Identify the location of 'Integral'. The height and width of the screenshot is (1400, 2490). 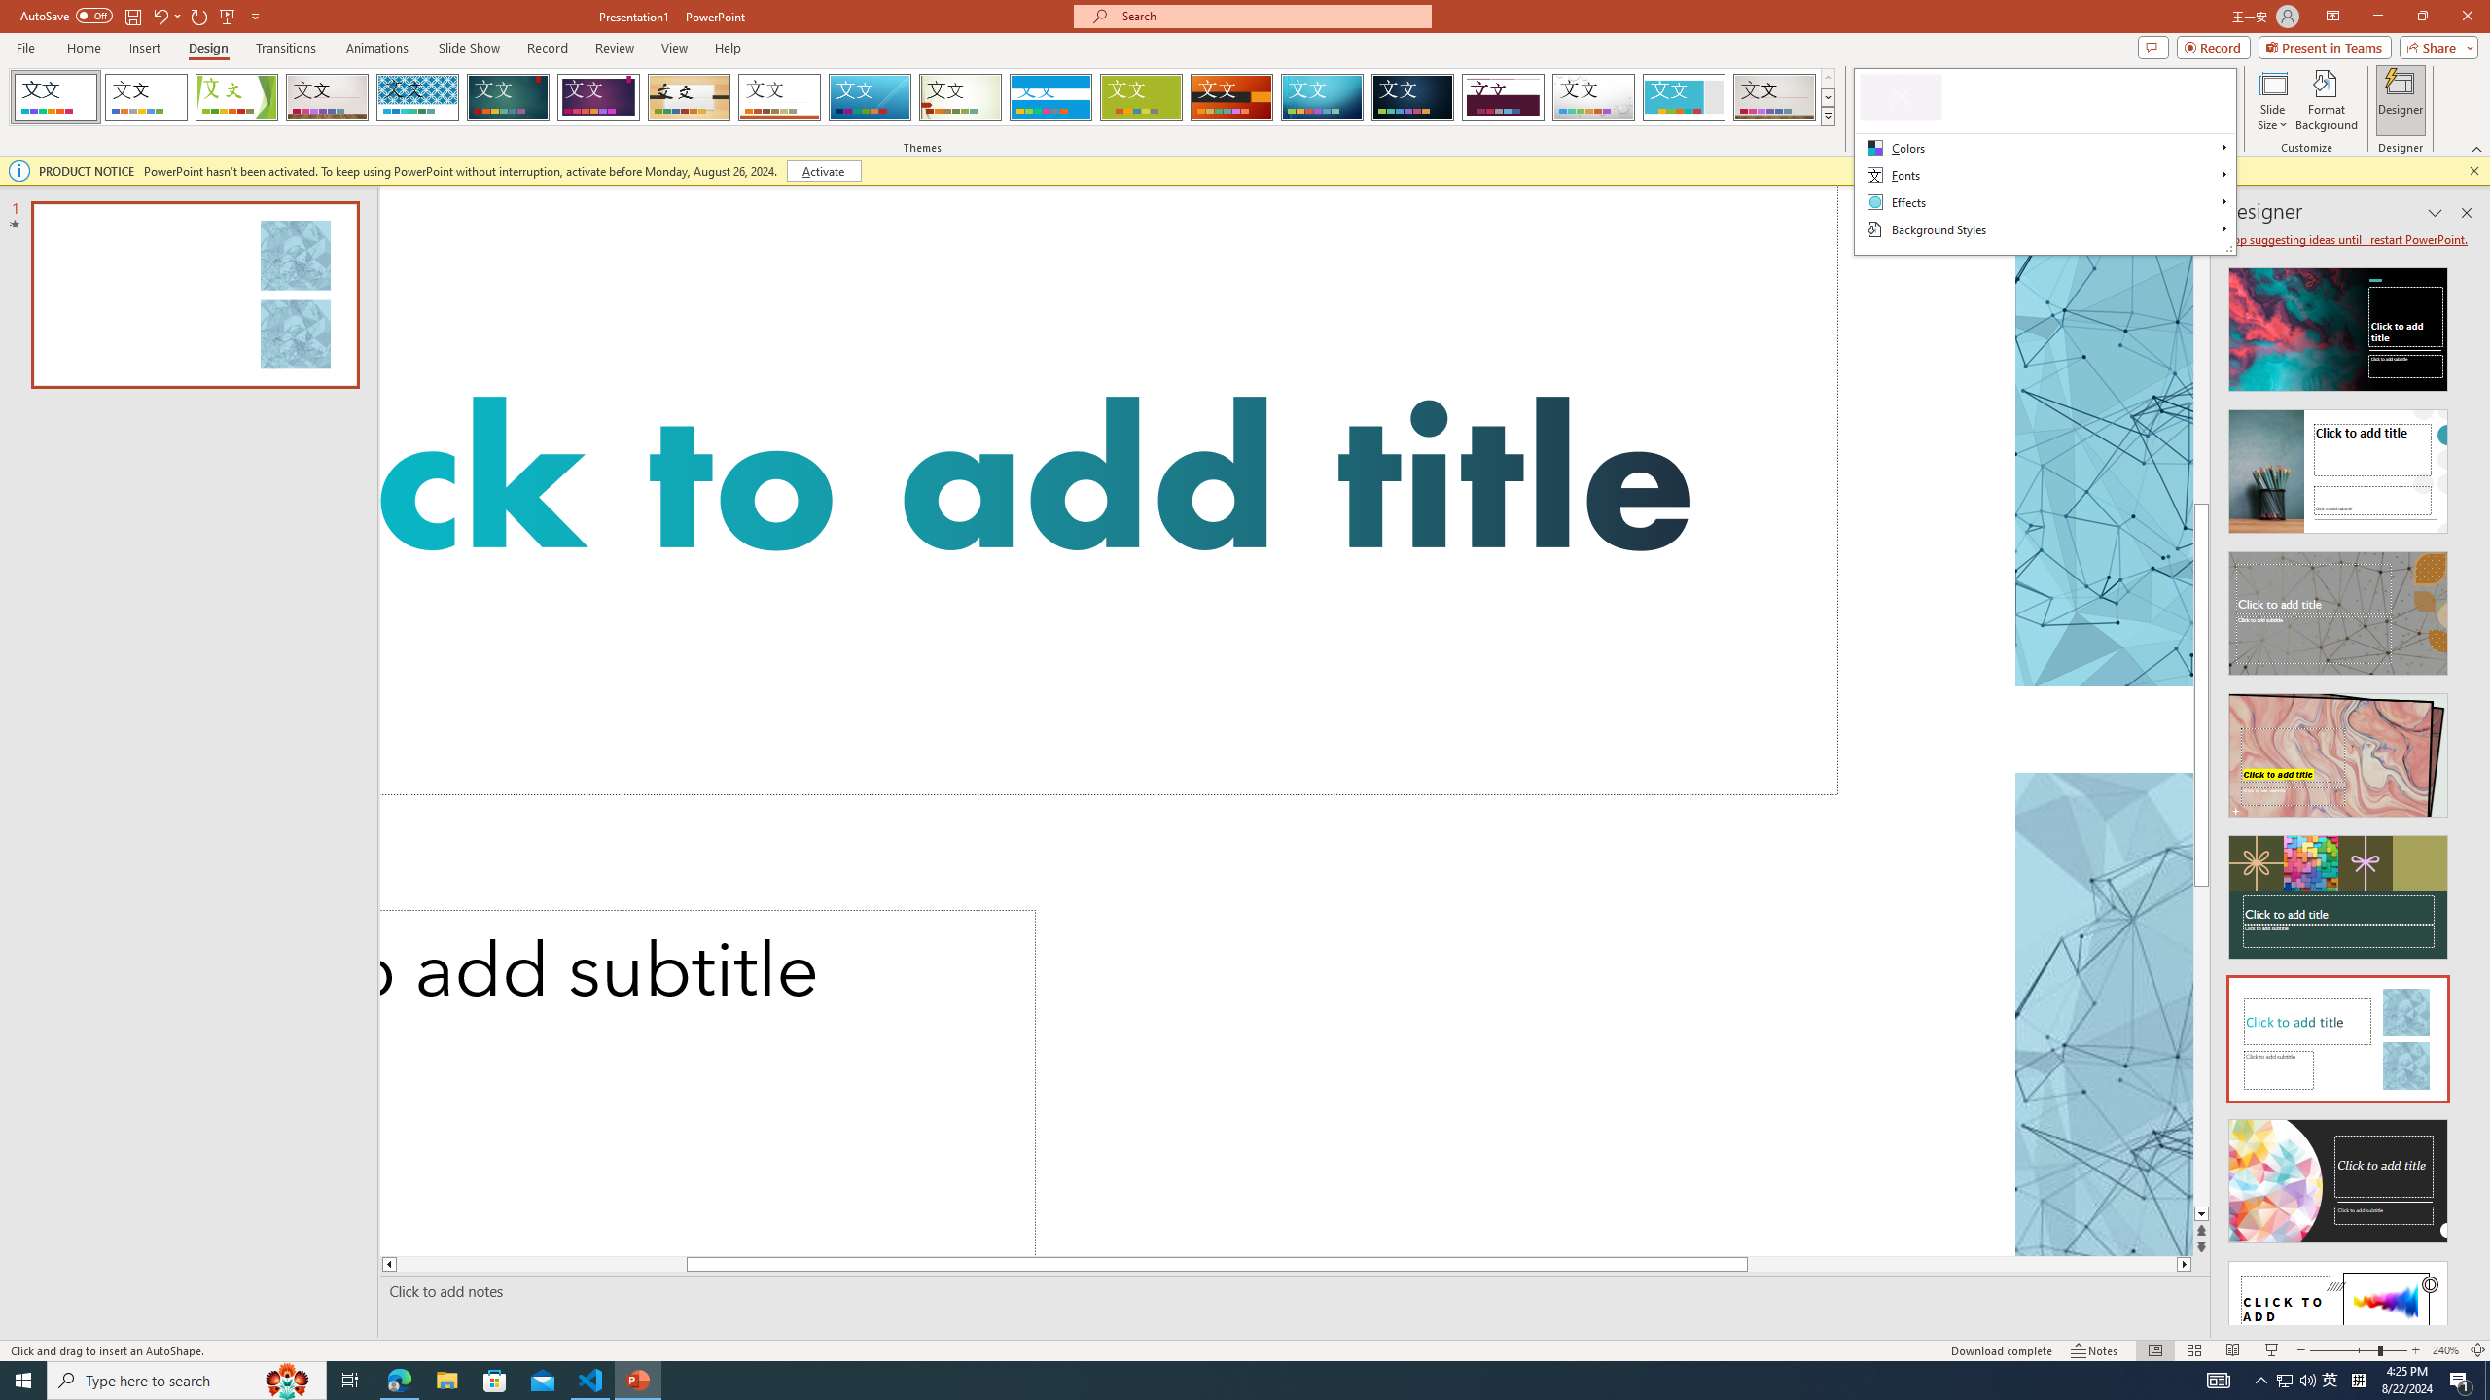
(417, 96).